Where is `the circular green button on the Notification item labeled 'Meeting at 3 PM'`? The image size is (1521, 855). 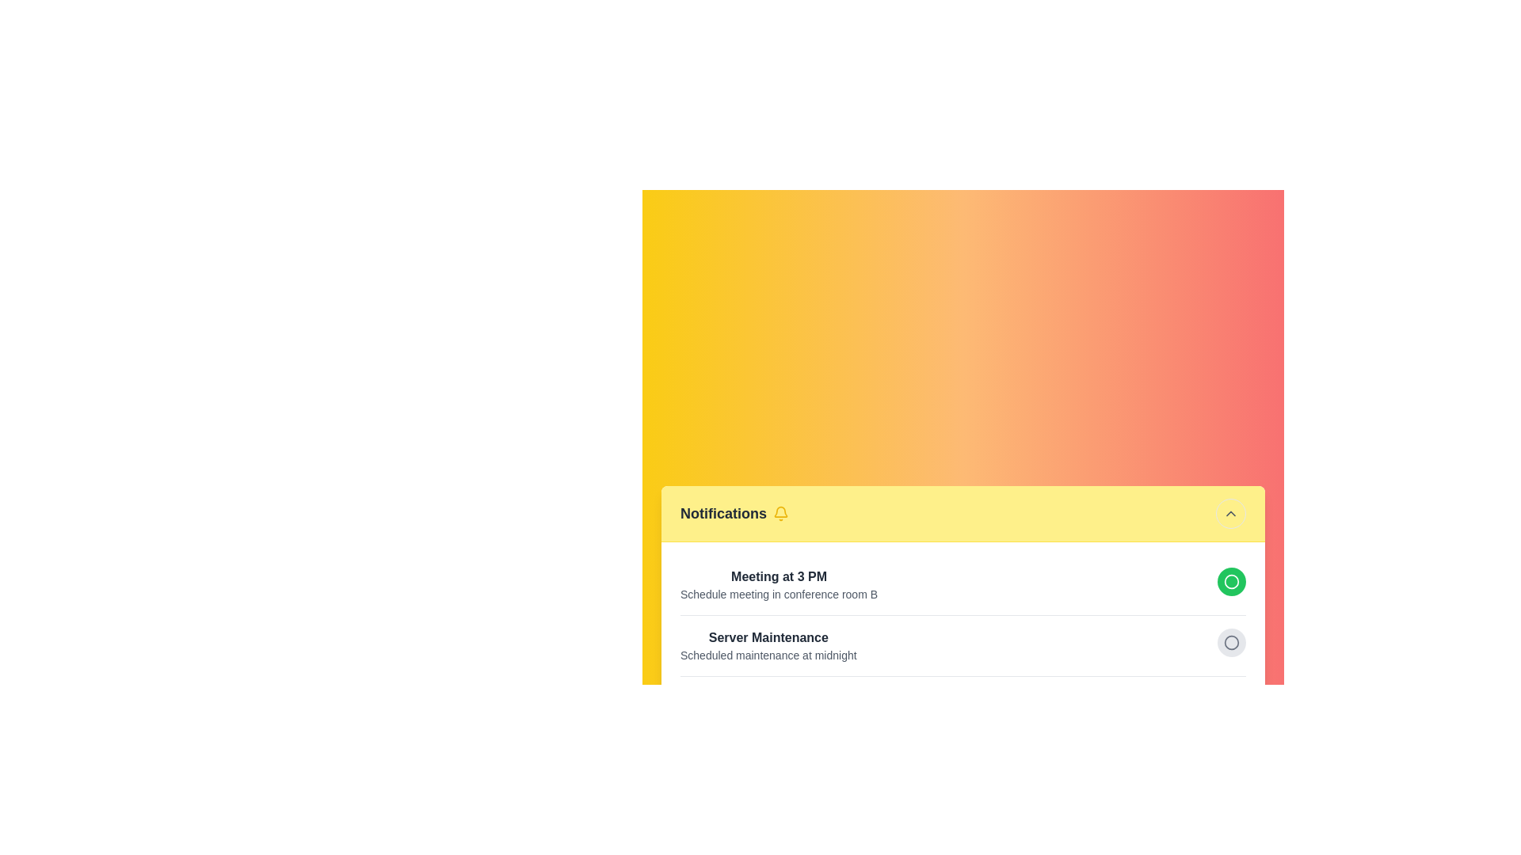
the circular green button on the Notification item labeled 'Meeting at 3 PM' is located at coordinates (962, 583).